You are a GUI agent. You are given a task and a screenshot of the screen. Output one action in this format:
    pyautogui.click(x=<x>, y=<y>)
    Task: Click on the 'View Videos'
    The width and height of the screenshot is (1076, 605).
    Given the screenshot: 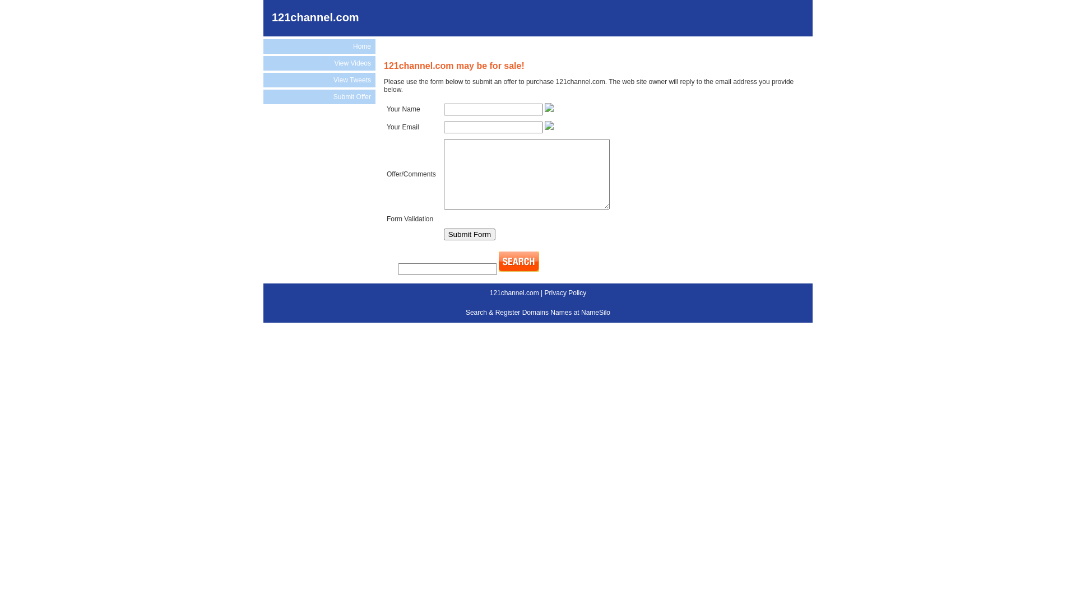 What is the action you would take?
    pyautogui.click(x=319, y=63)
    